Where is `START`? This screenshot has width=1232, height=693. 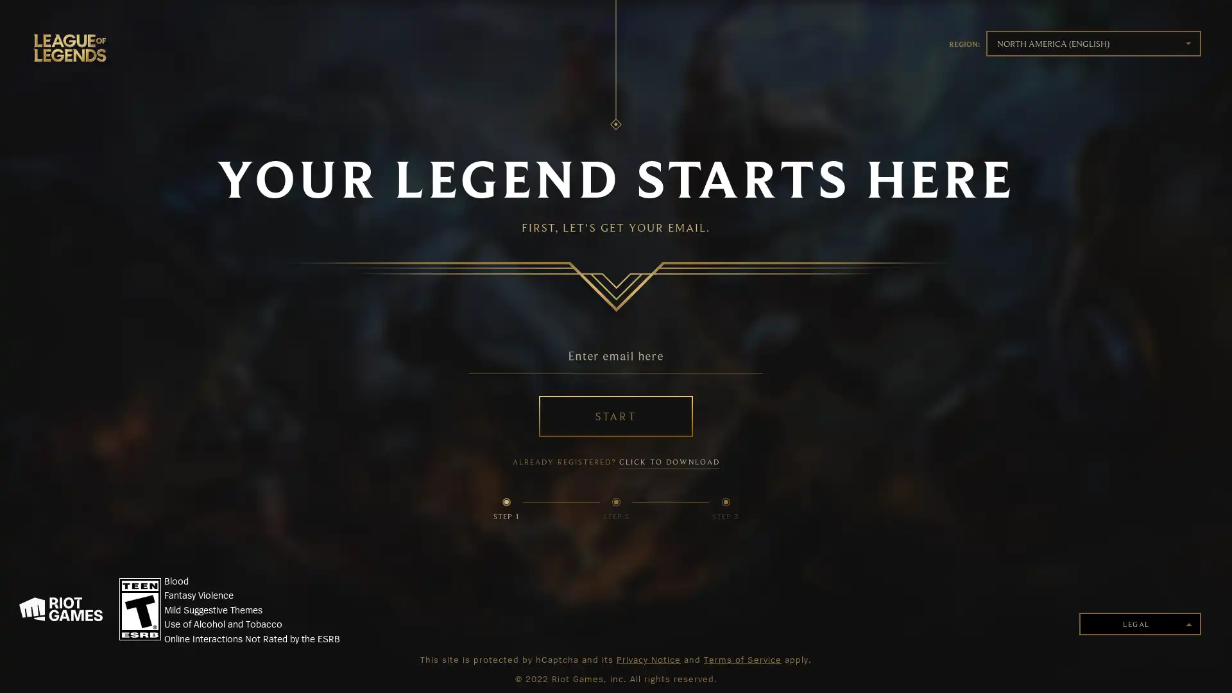 START is located at coordinates (616, 416).